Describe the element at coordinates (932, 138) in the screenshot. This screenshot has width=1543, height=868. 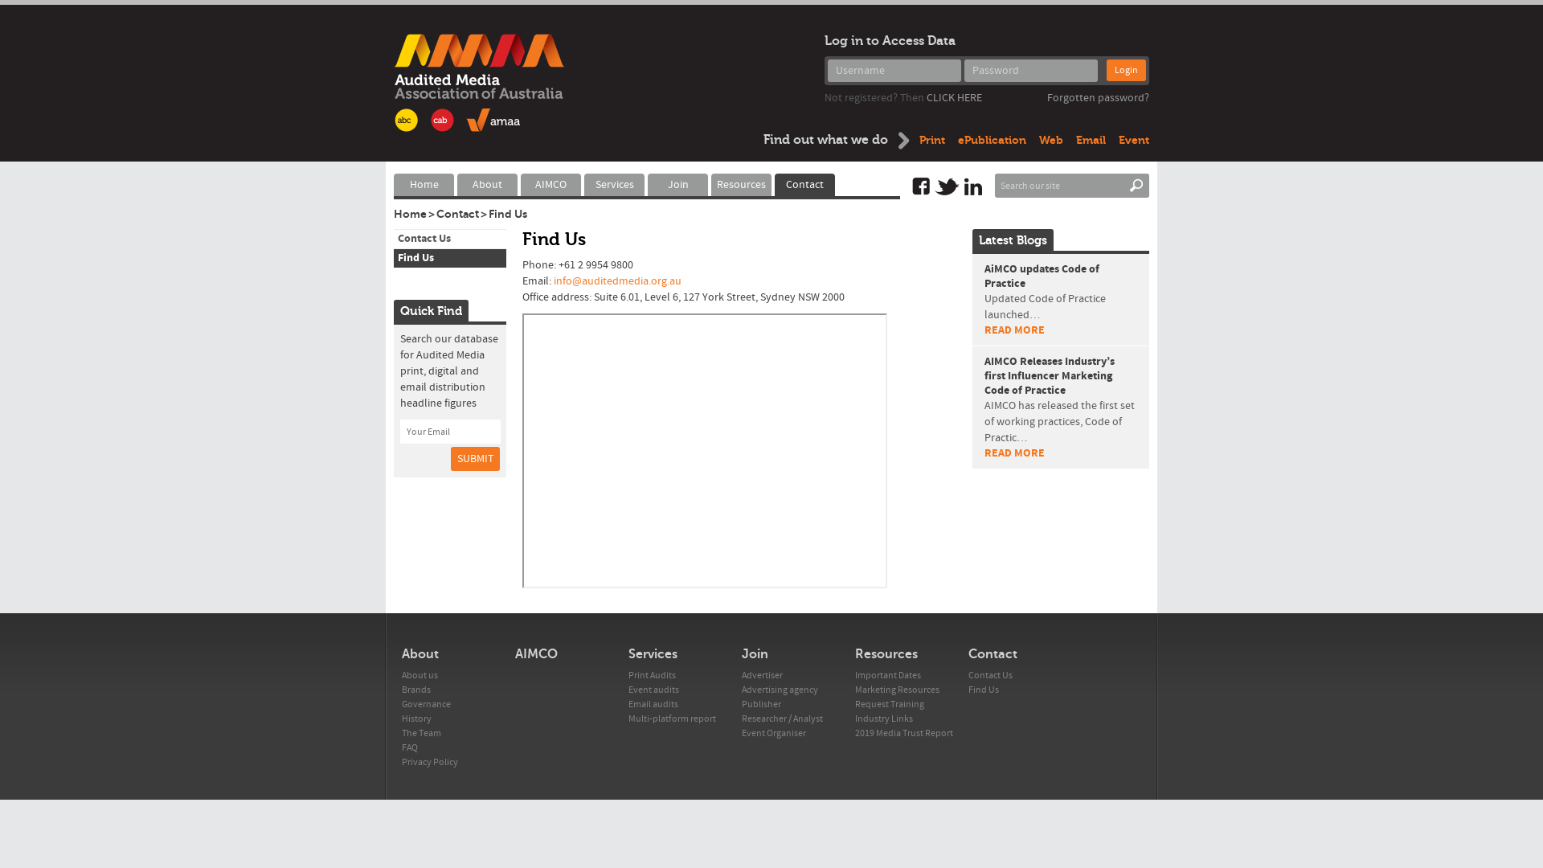
I see `'Print'` at that location.